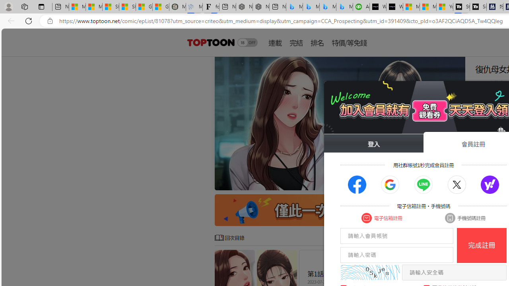  I want to click on 'captcha', so click(369, 272).